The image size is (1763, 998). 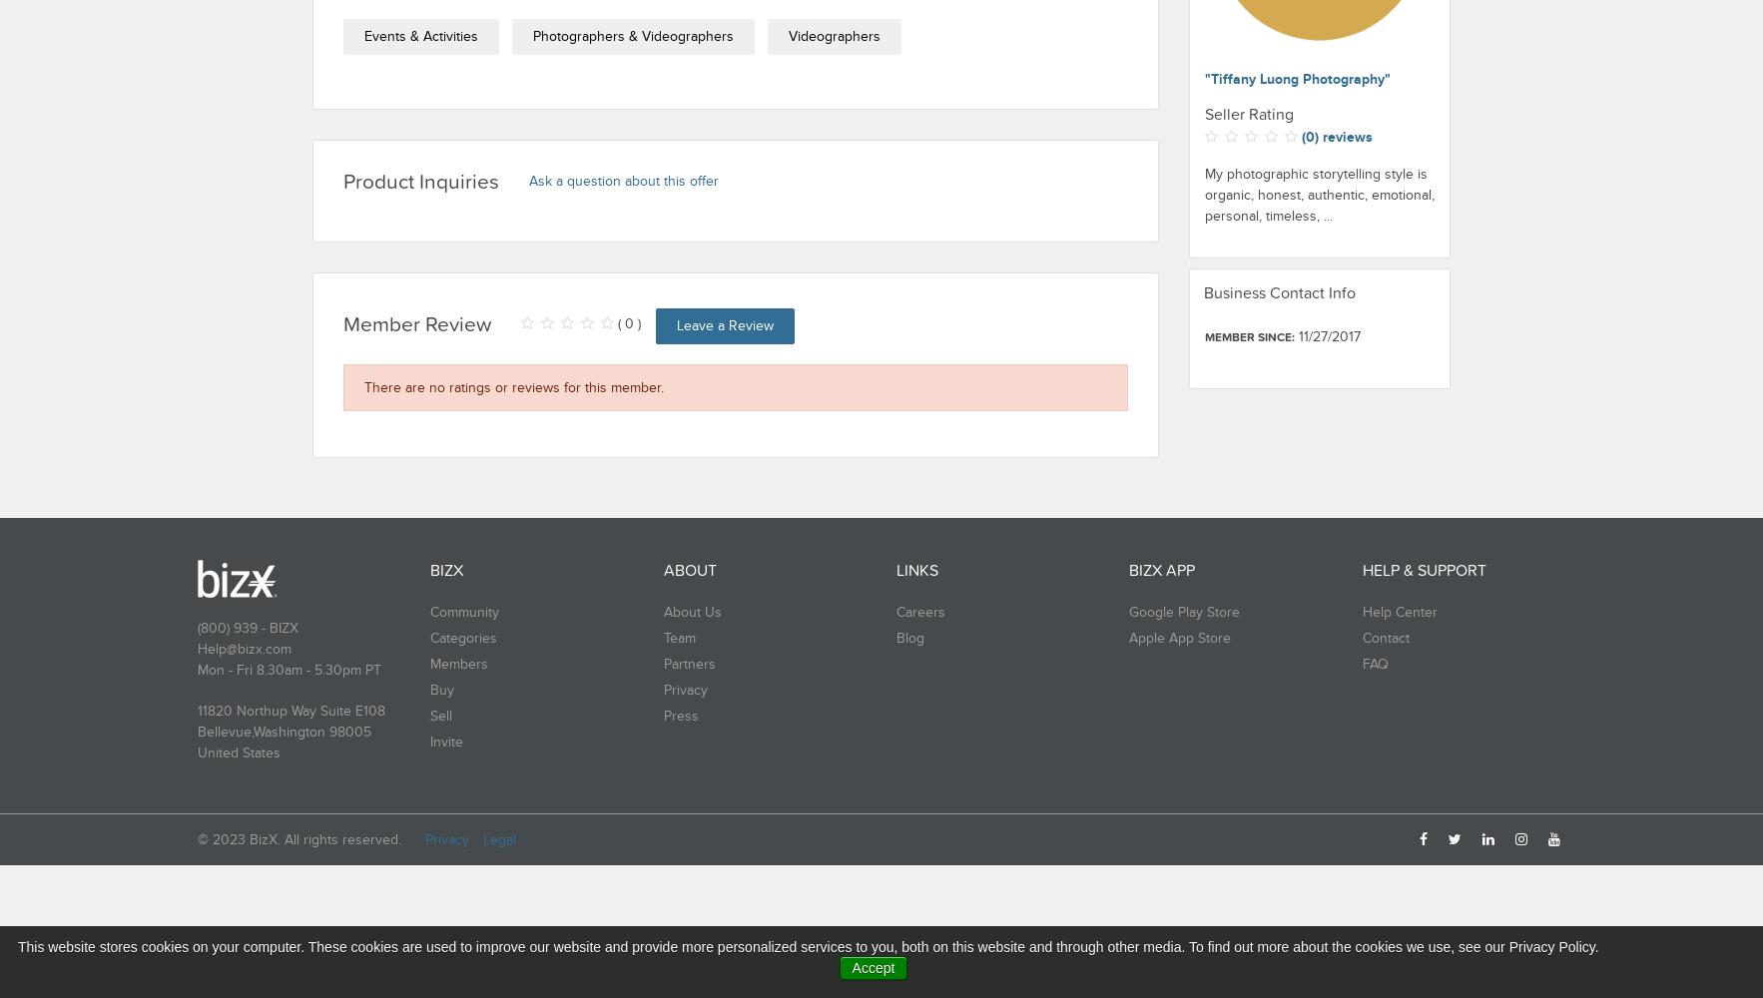 What do you see at coordinates (298, 838) in the screenshot?
I see `'© 2023 BizX. All rights reserved.'` at bounding box center [298, 838].